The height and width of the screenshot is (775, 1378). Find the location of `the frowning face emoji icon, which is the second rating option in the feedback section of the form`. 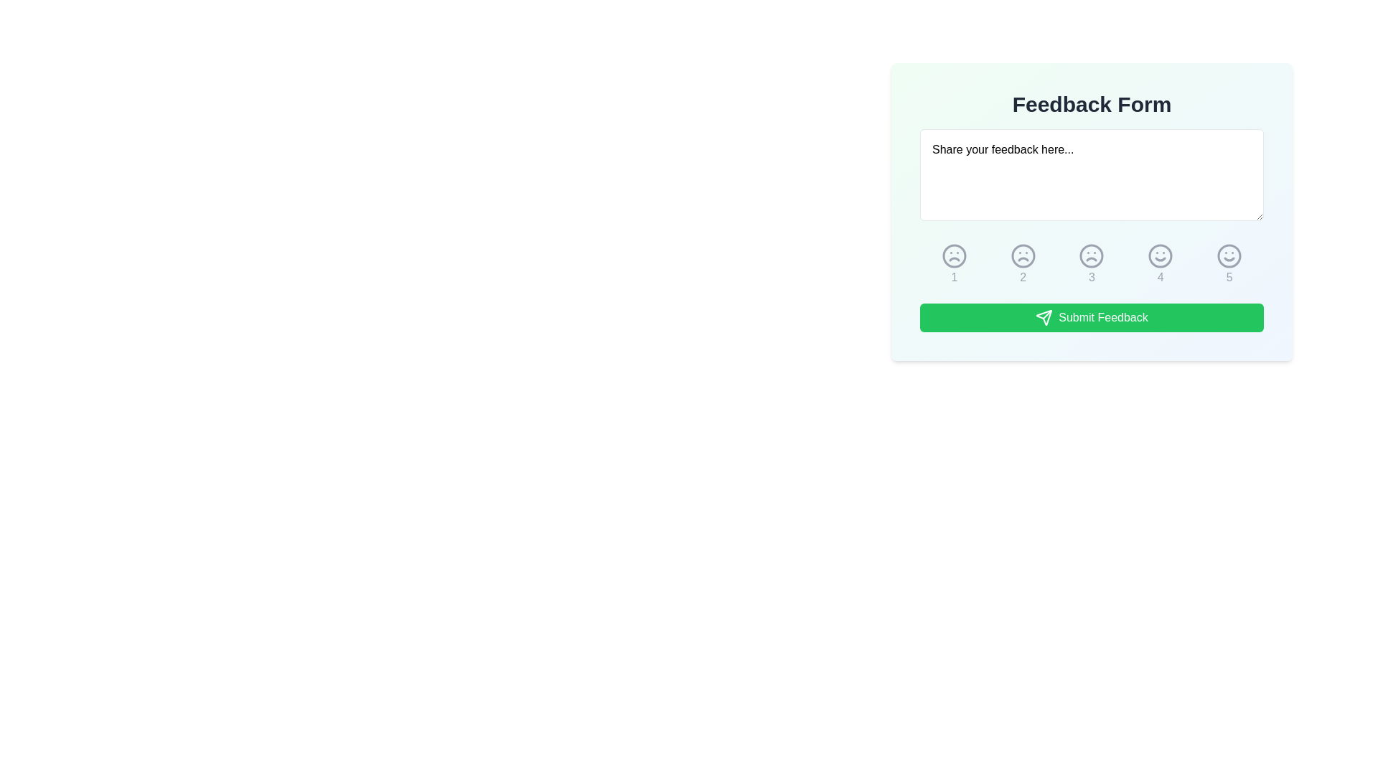

the frowning face emoji icon, which is the second rating option in the feedback section of the form is located at coordinates (1022, 255).